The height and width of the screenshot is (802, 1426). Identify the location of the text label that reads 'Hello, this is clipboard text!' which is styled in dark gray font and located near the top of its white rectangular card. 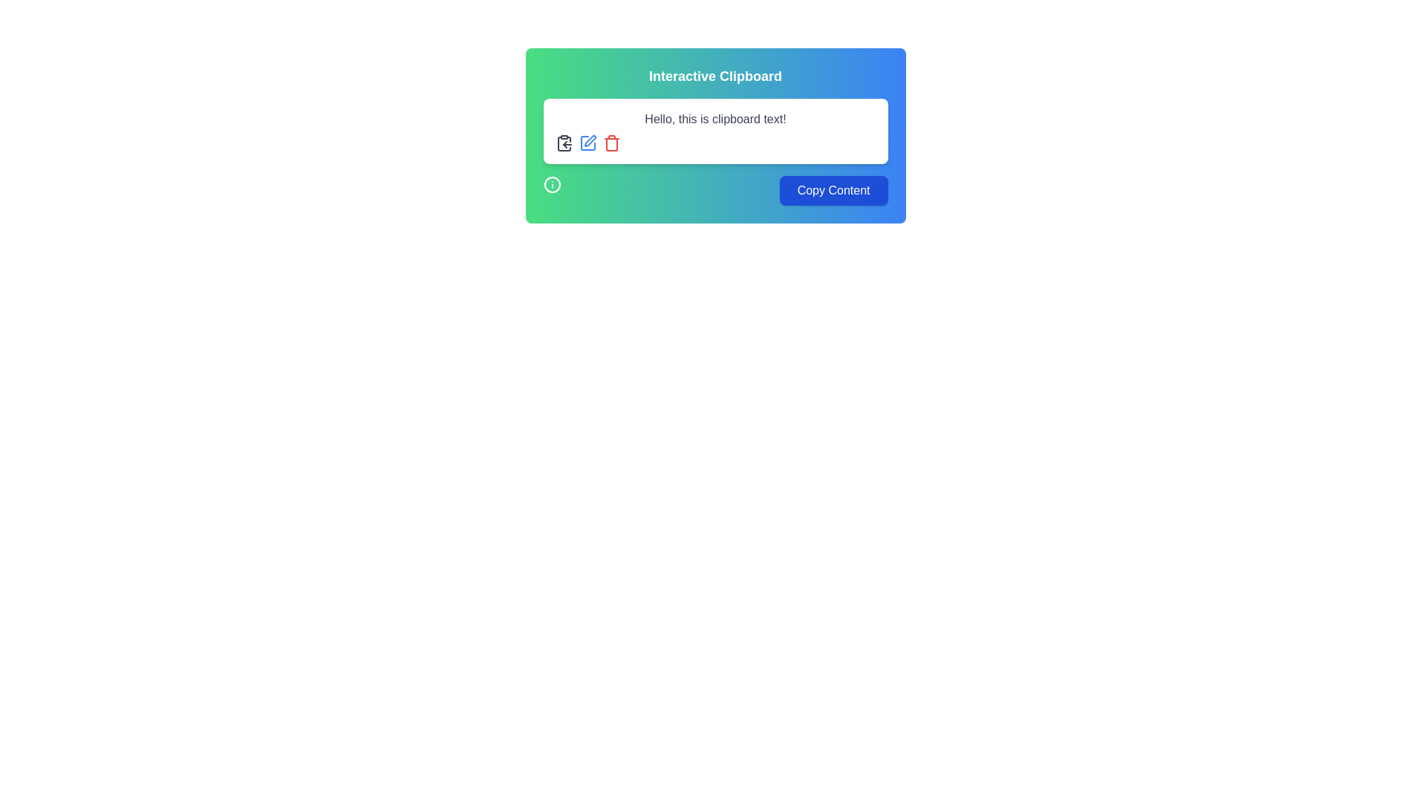
(715, 119).